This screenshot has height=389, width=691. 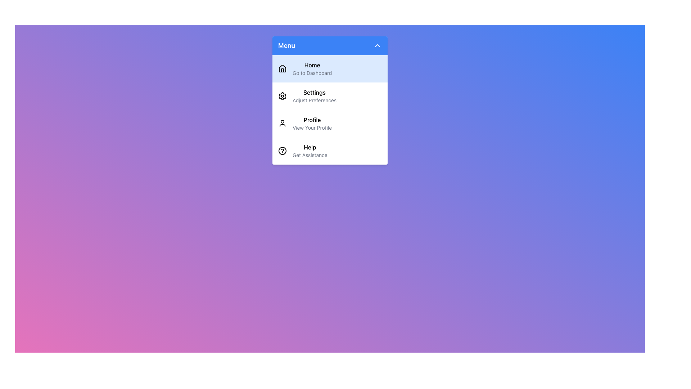 I want to click on the menu item titled 'Settings' with subtitle 'Adjust Preferences', located in the vertical list of the menu component, so click(x=314, y=95).